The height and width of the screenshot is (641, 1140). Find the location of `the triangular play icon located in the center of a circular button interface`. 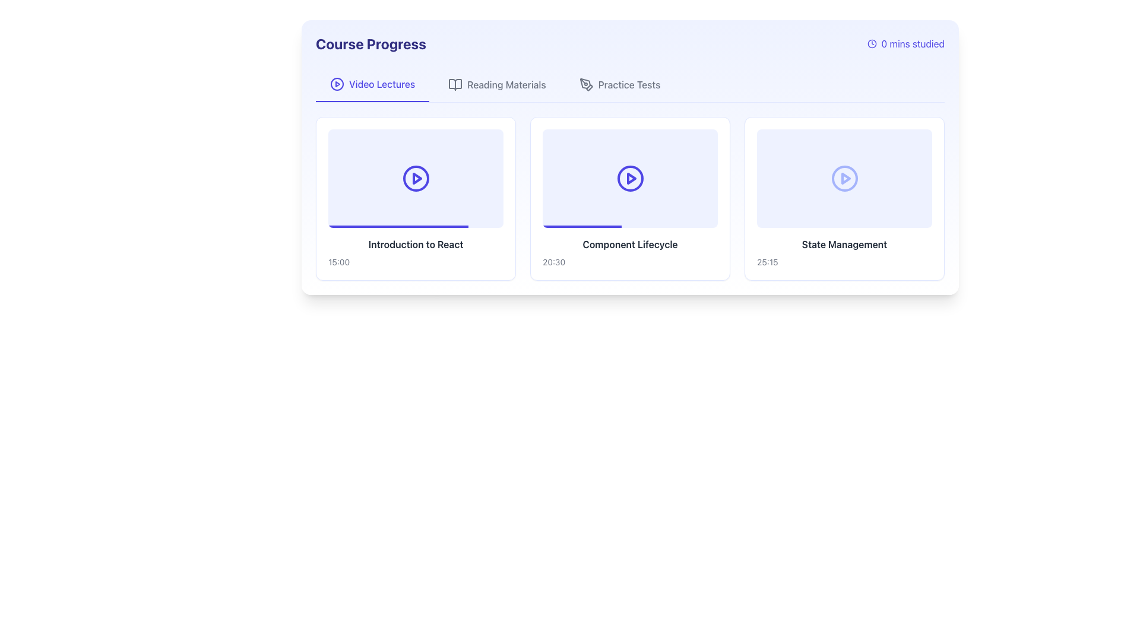

the triangular play icon located in the center of a circular button interface is located at coordinates (845, 178).